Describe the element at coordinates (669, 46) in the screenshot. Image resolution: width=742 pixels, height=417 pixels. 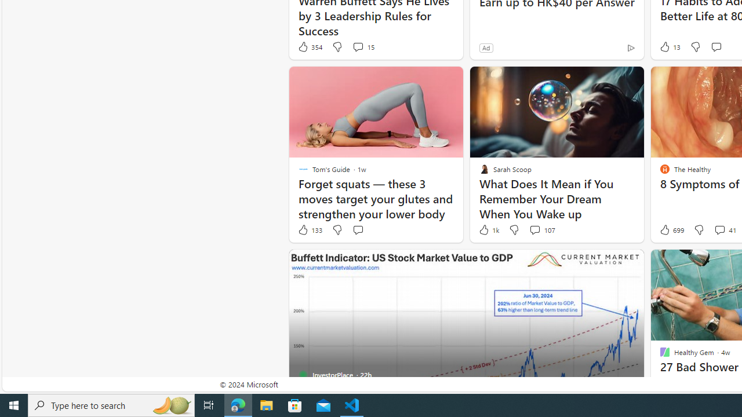
I see `'13 Like'` at that location.